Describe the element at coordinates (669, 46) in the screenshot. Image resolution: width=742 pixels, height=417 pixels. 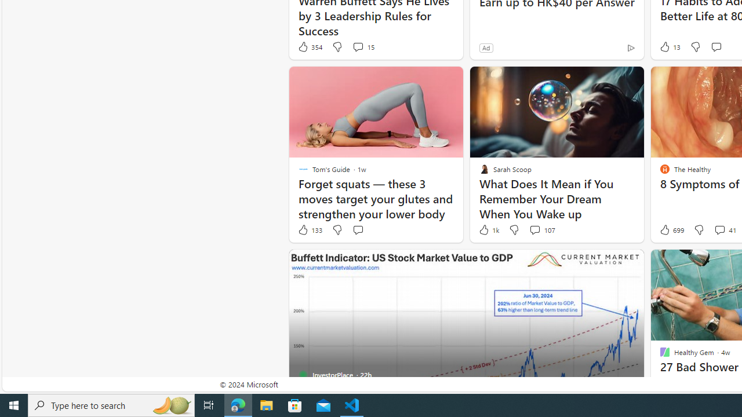
I see `'13 Like'` at that location.